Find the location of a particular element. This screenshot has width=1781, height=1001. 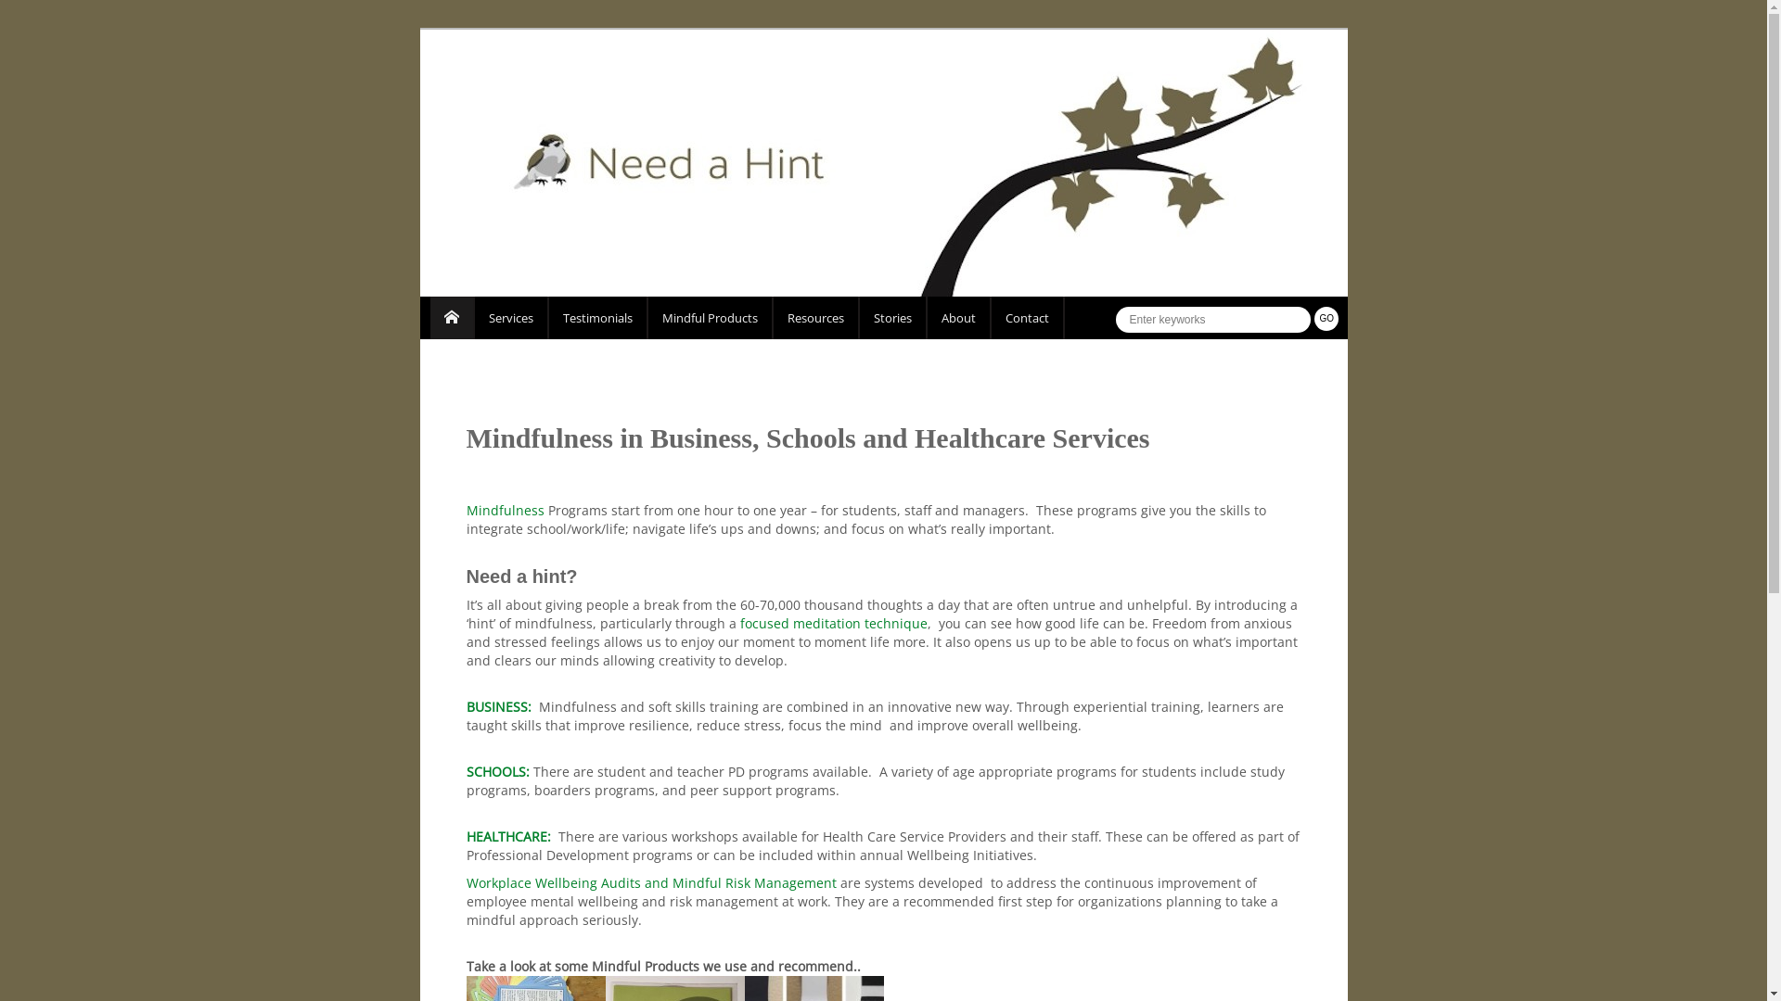

'BUSINESS:' is located at coordinates (498, 706).